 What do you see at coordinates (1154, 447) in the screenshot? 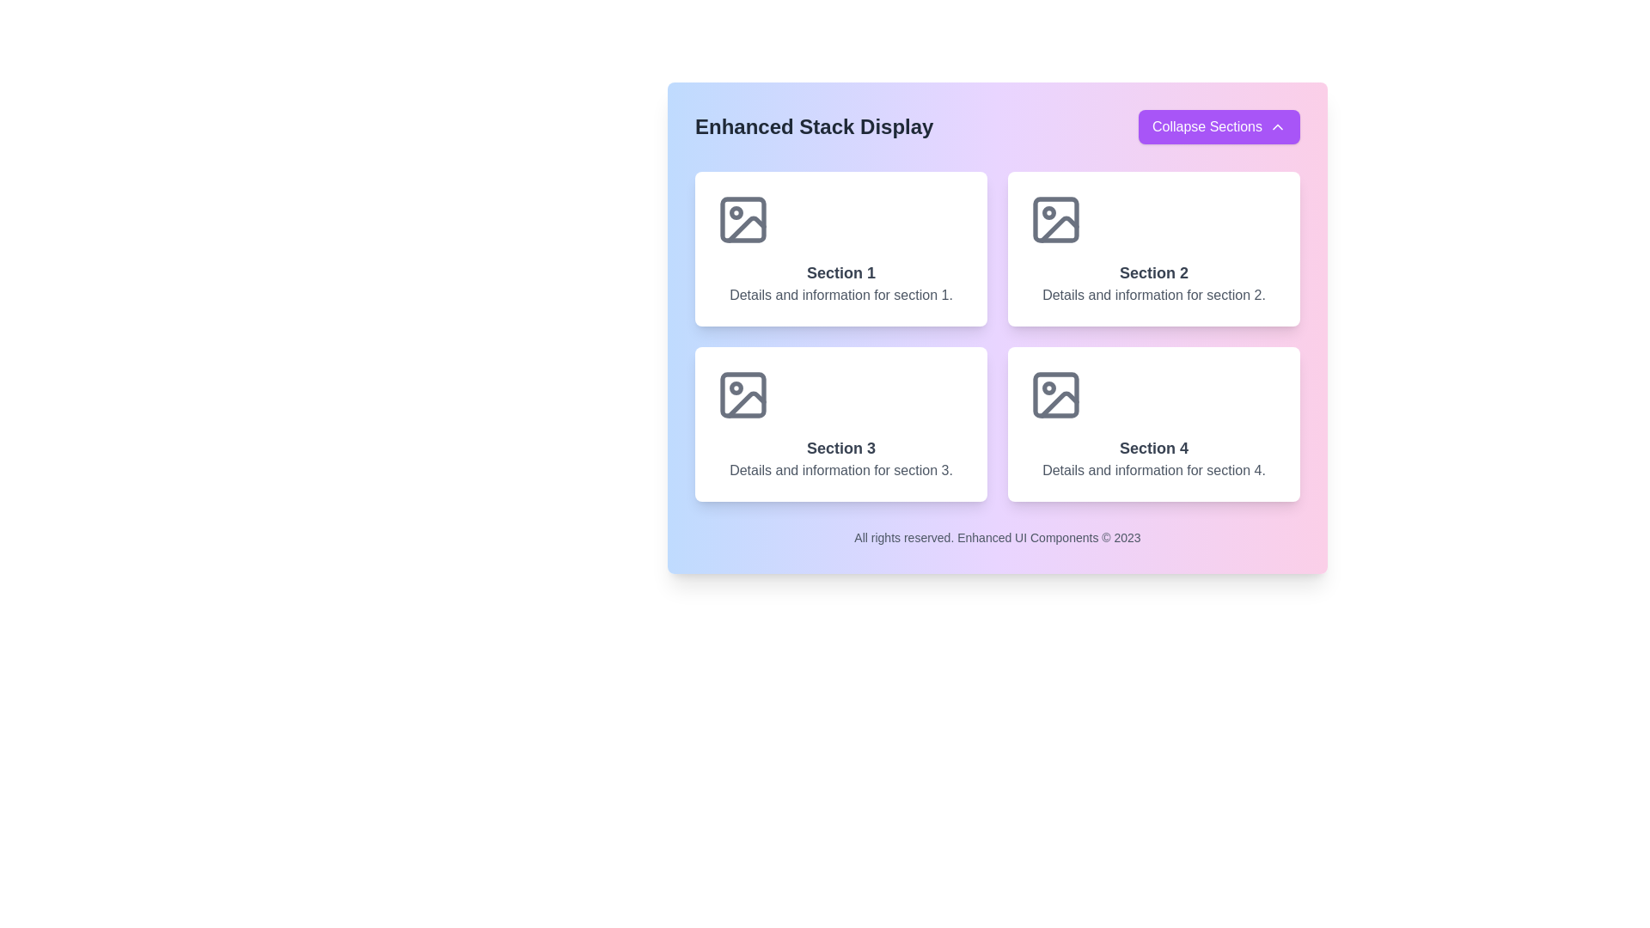
I see `the Text Label that serves as a title for the content of the fourth section, located in the bottom-right quadrant of a 2-row, 2-column grid layout, specifically positioned above its descriptive text` at bounding box center [1154, 447].